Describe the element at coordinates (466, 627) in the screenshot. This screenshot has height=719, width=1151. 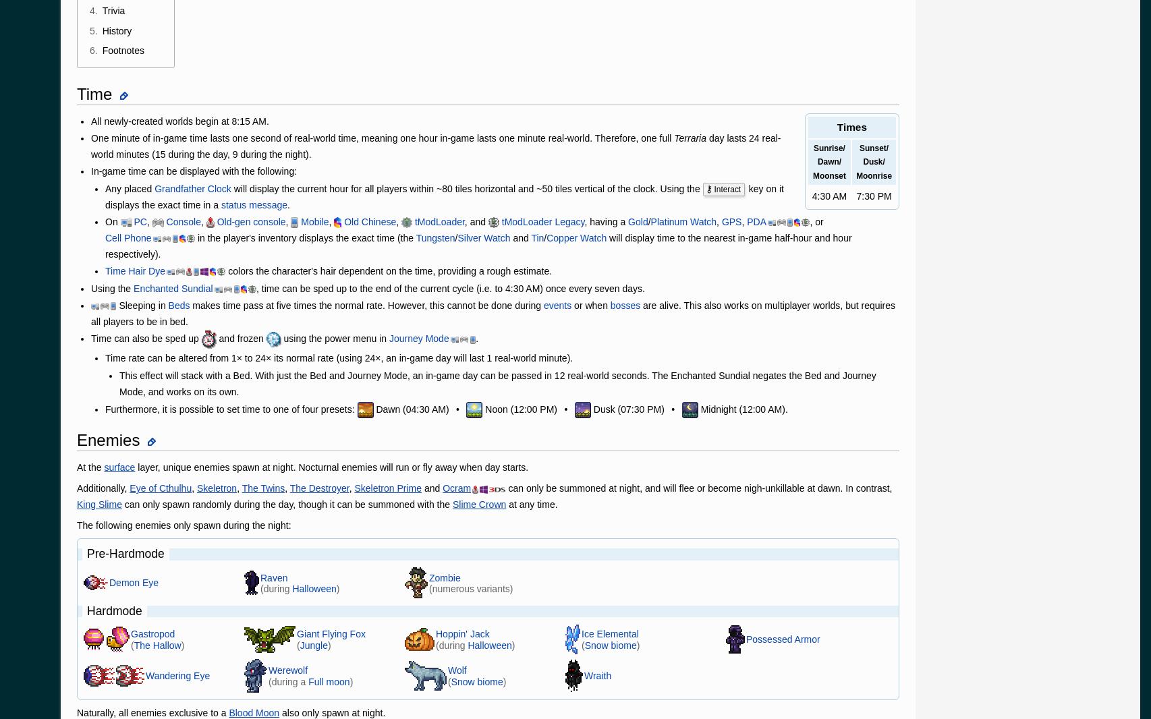
I see `'Global Sitemap'` at that location.